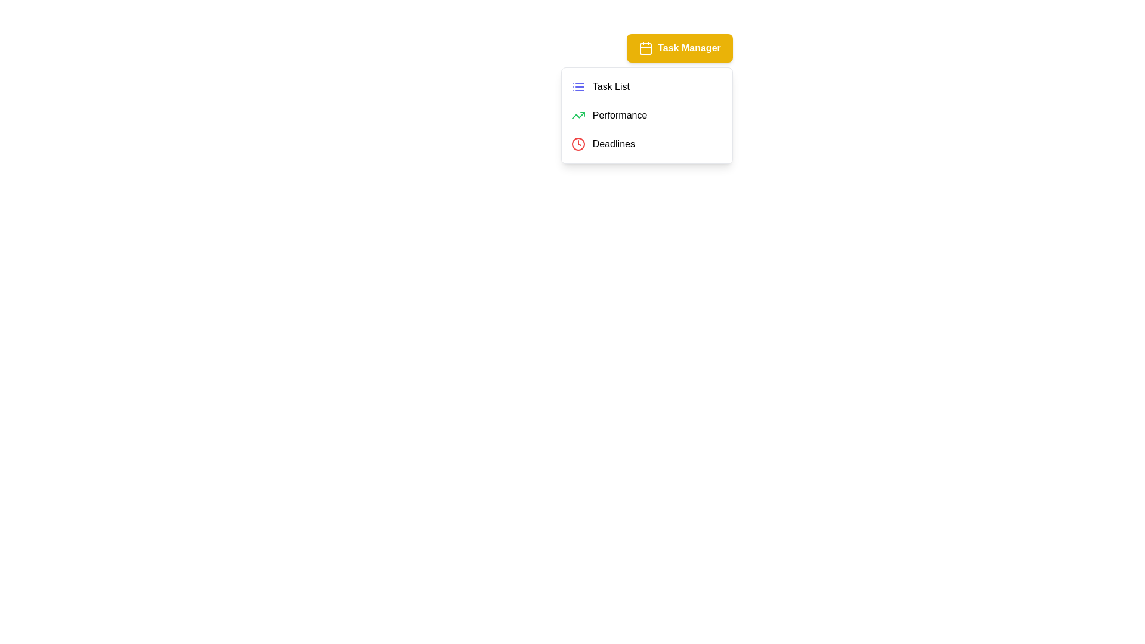  I want to click on the Performance icon in the Task Management Menu, so click(578, 115).